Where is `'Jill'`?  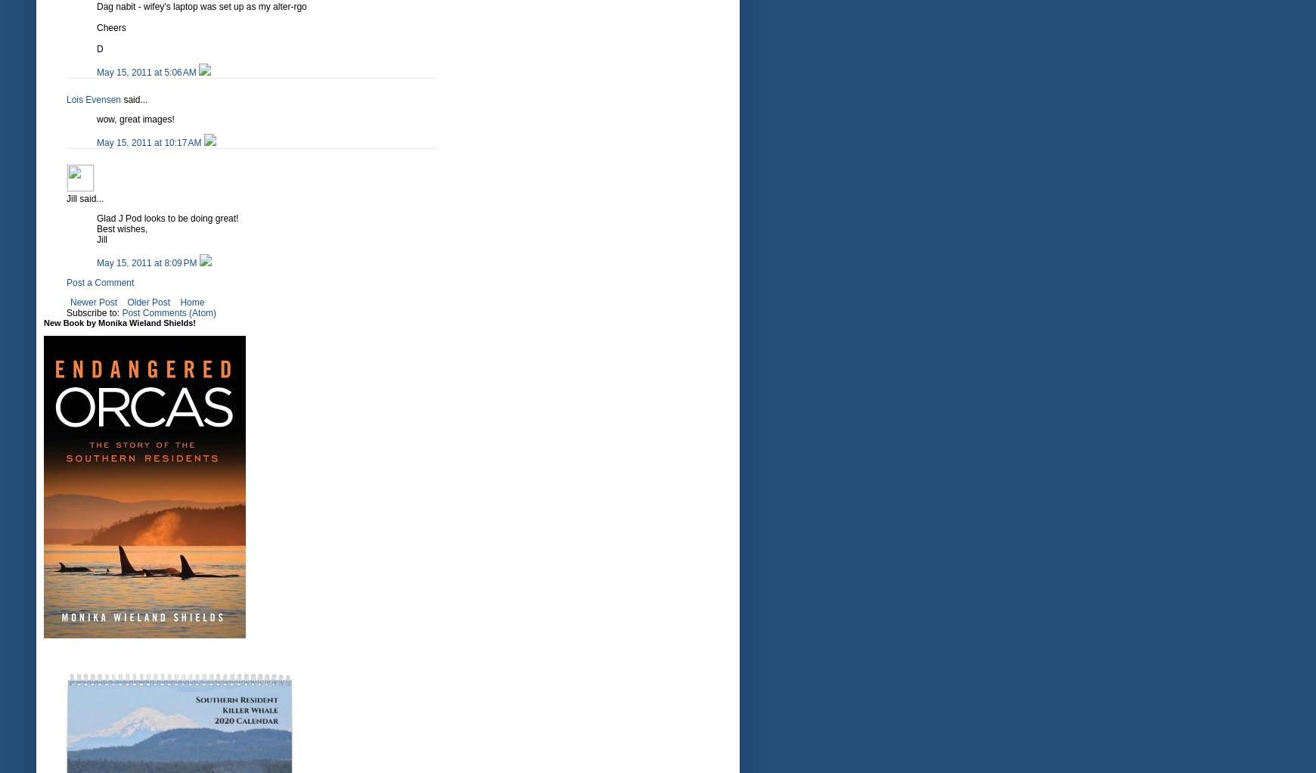
'Jill' is located at coordinates (101, 239).